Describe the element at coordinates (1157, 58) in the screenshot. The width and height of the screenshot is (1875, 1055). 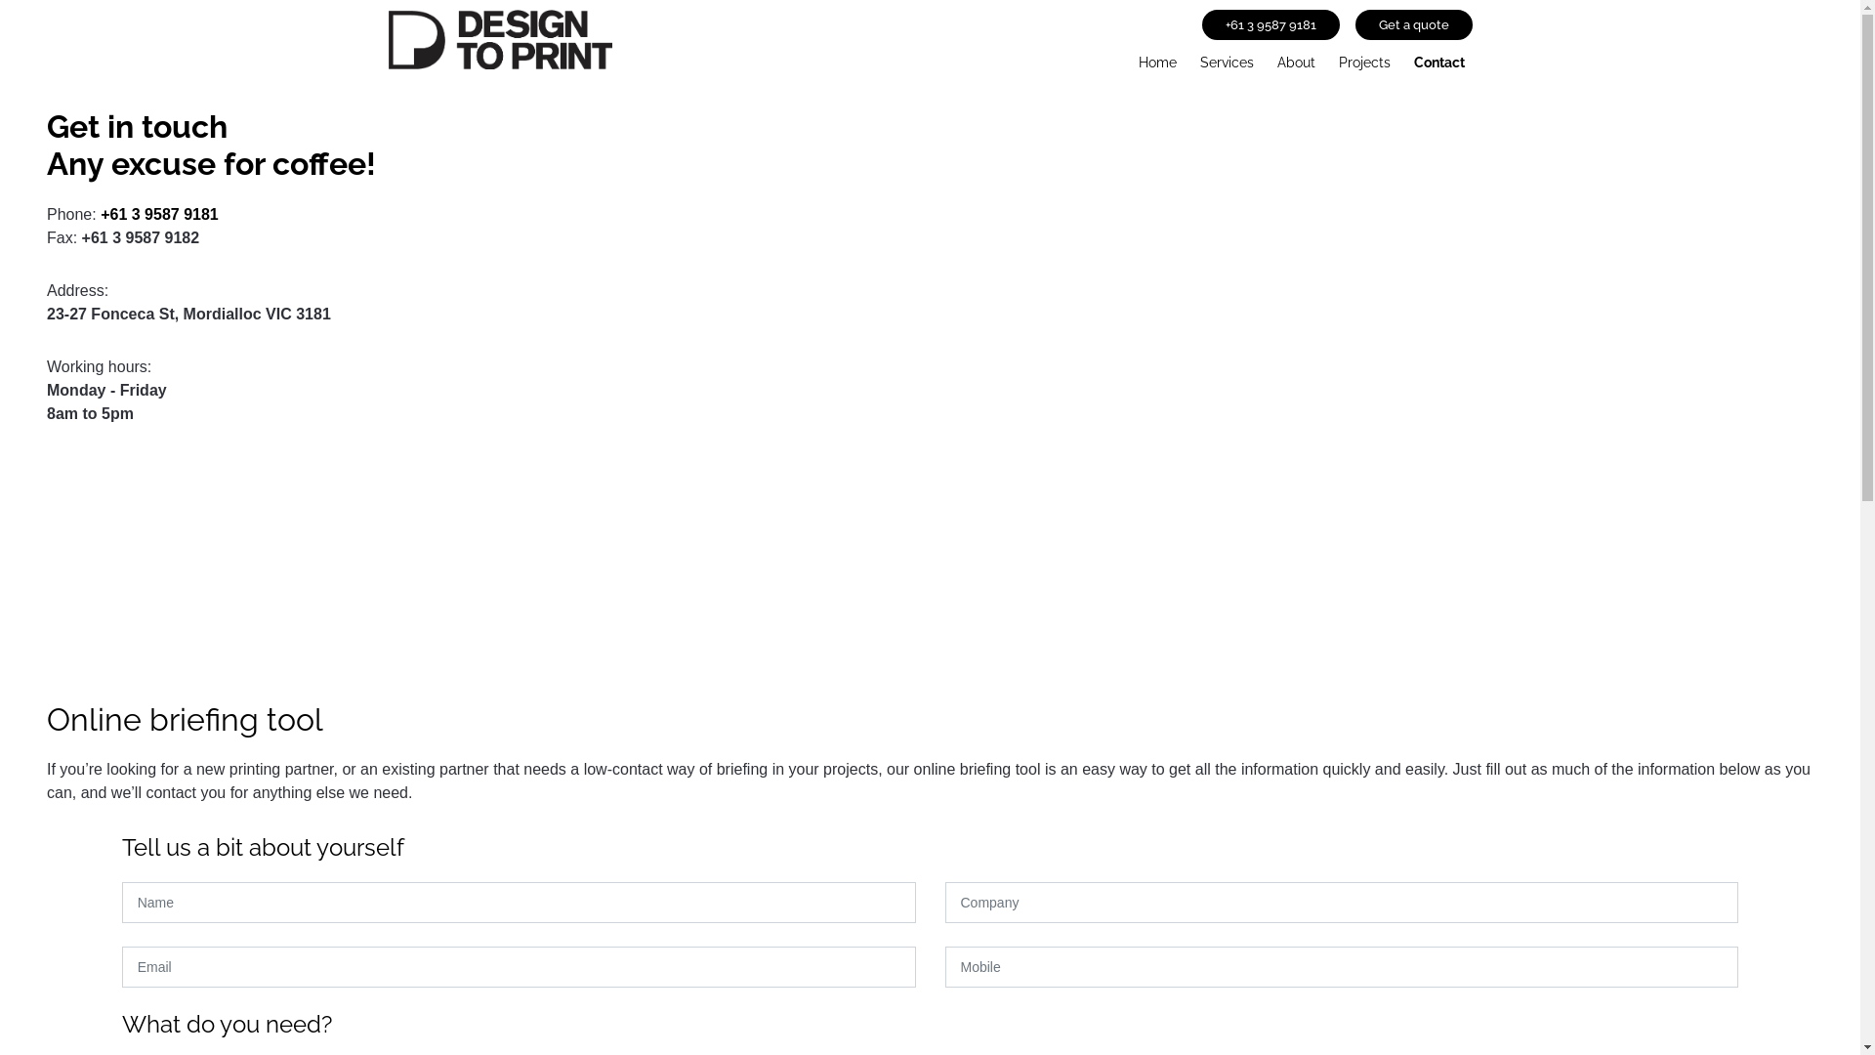
I see `'Home'` at that location.